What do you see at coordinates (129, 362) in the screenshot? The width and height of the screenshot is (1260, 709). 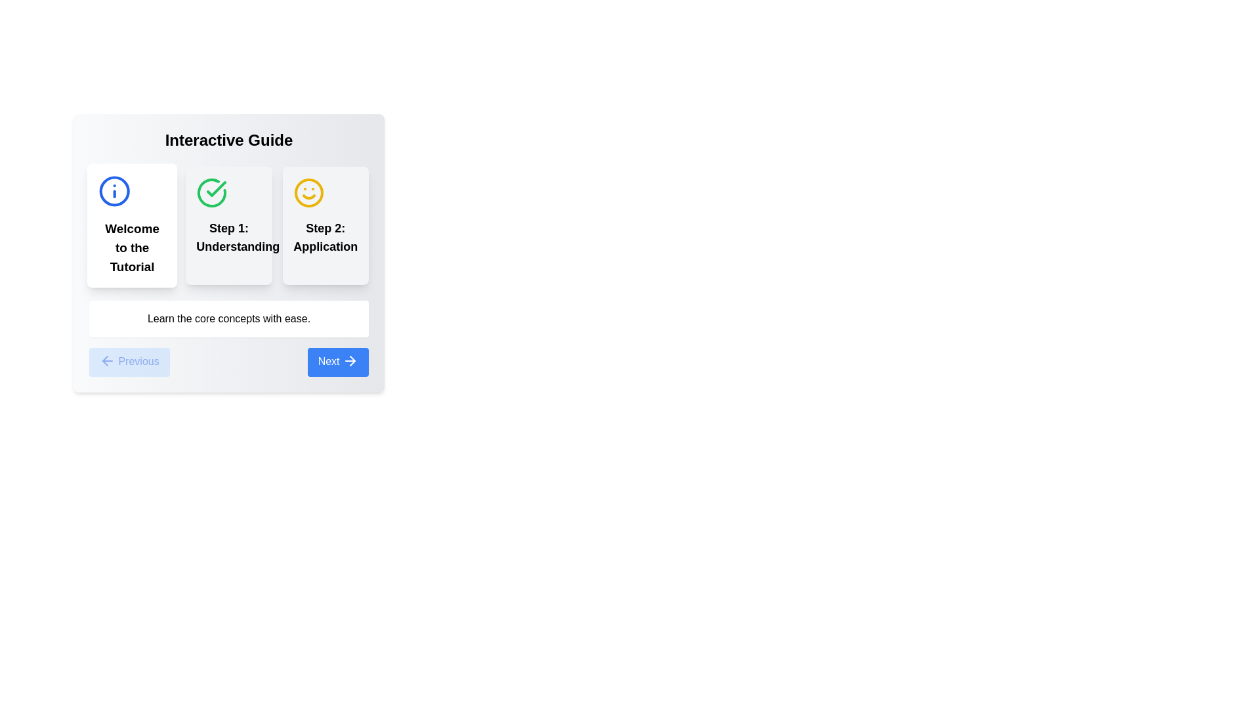 I see `the Previous button to navigate between tutorial steps` at bounding box center [129, 362].